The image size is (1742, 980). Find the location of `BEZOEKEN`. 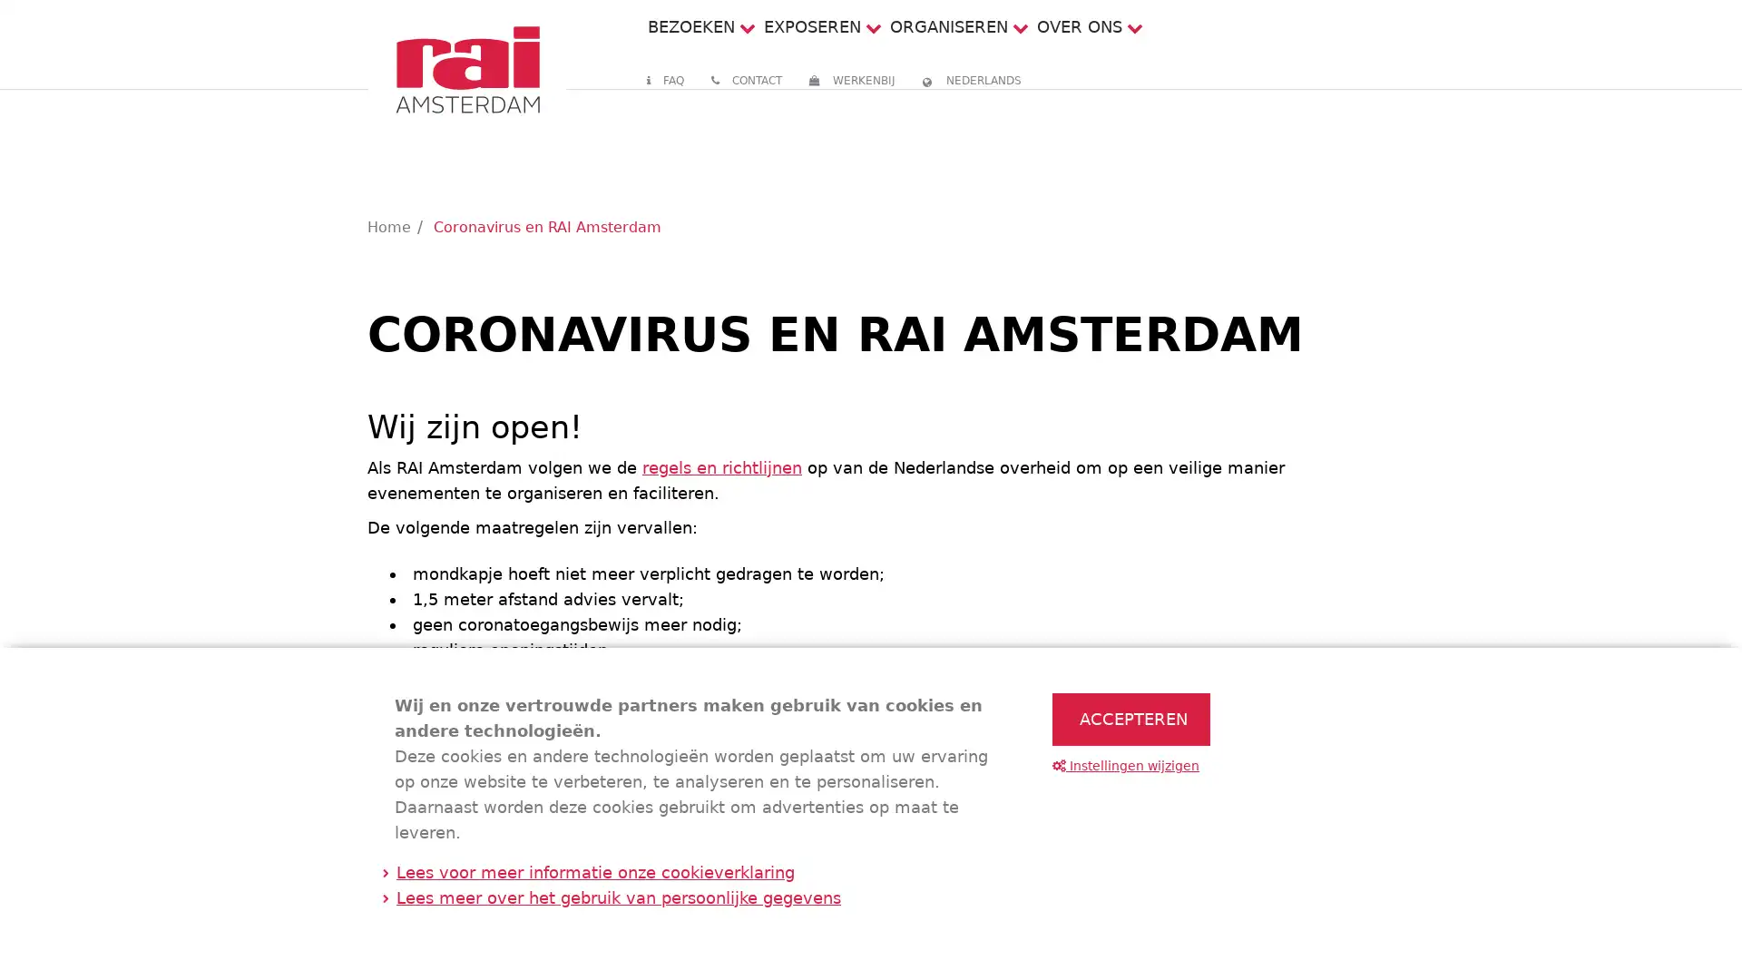

BEZOEKEN is located at coordinates (690, 26).